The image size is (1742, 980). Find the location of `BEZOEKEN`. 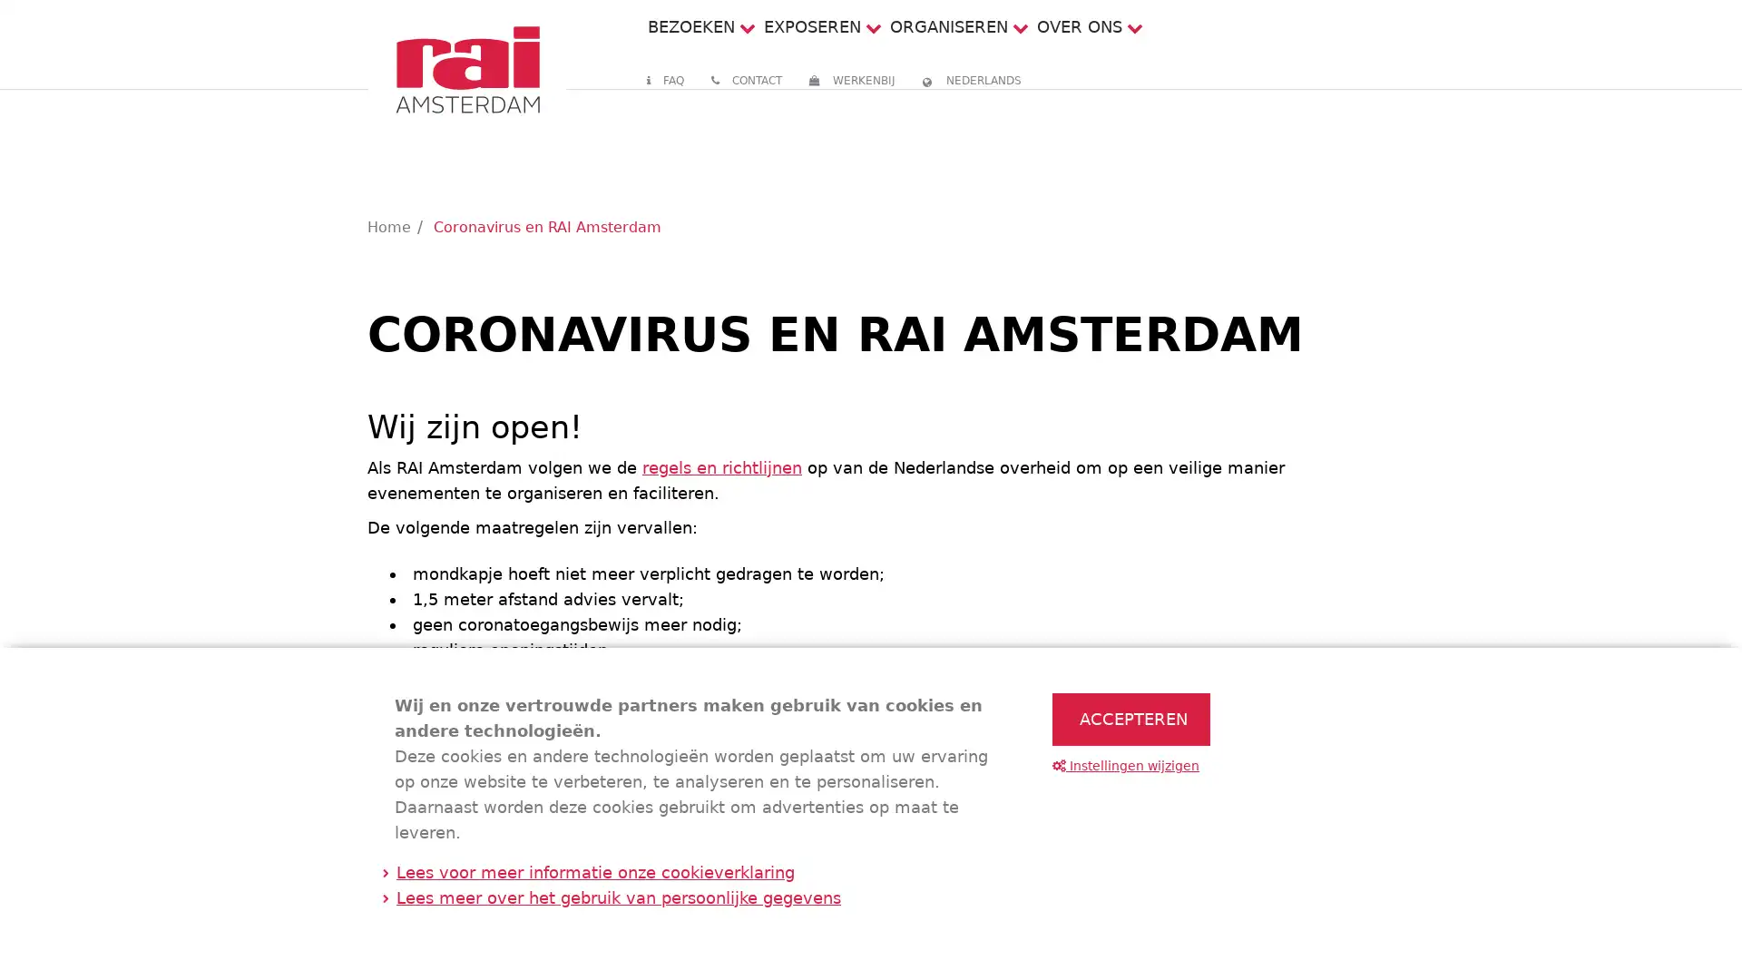

BEZOEKEN is located at coordinates (690, 26).